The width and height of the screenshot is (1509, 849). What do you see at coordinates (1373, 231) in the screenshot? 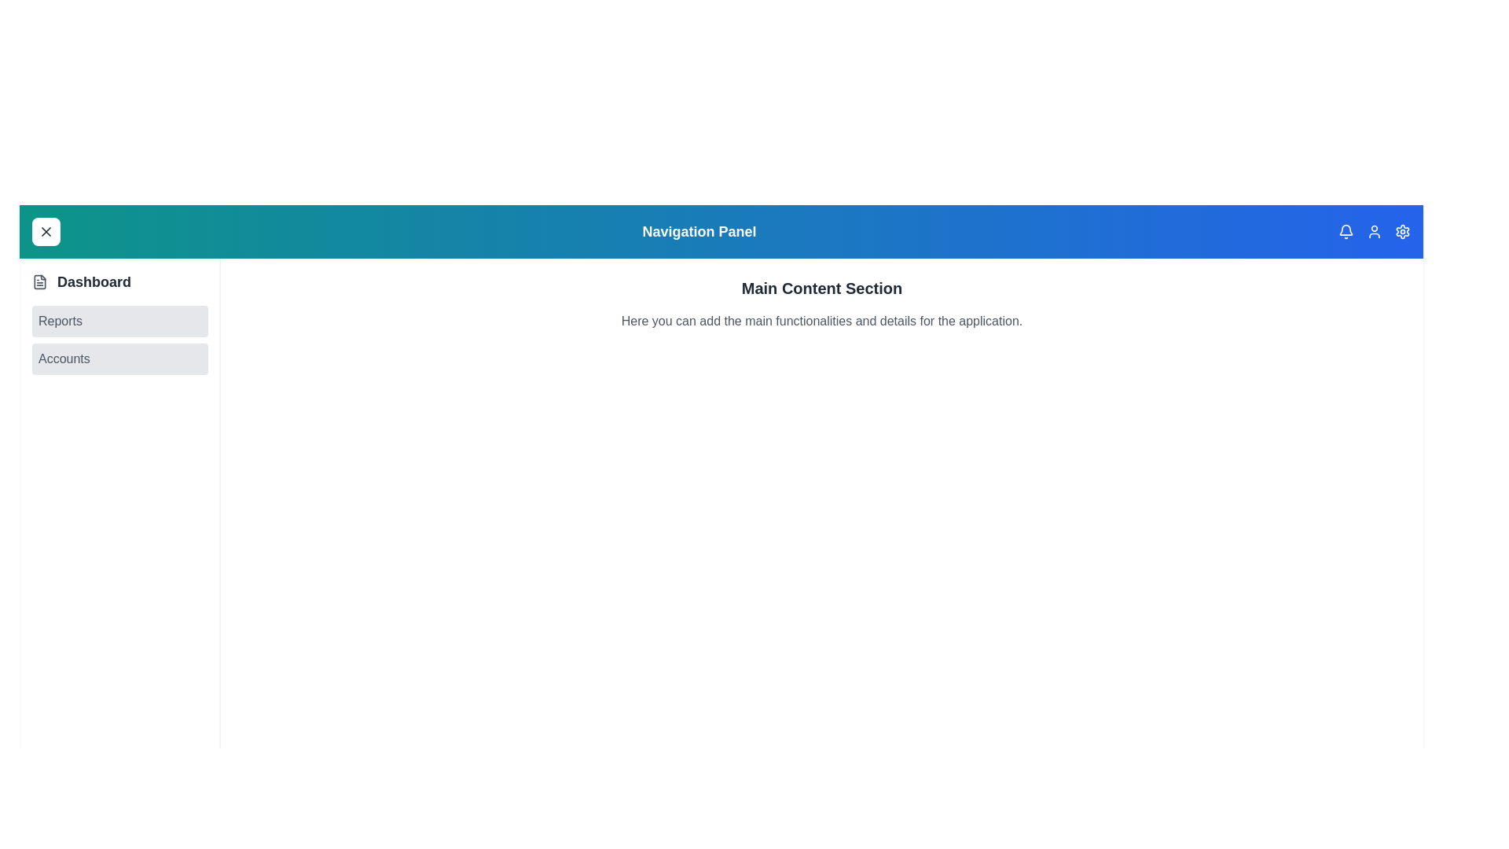
I see `the user-related functionalities icon, which is the third interactive icon from the right in the navigation bar` at bounding box center [1373, 231].